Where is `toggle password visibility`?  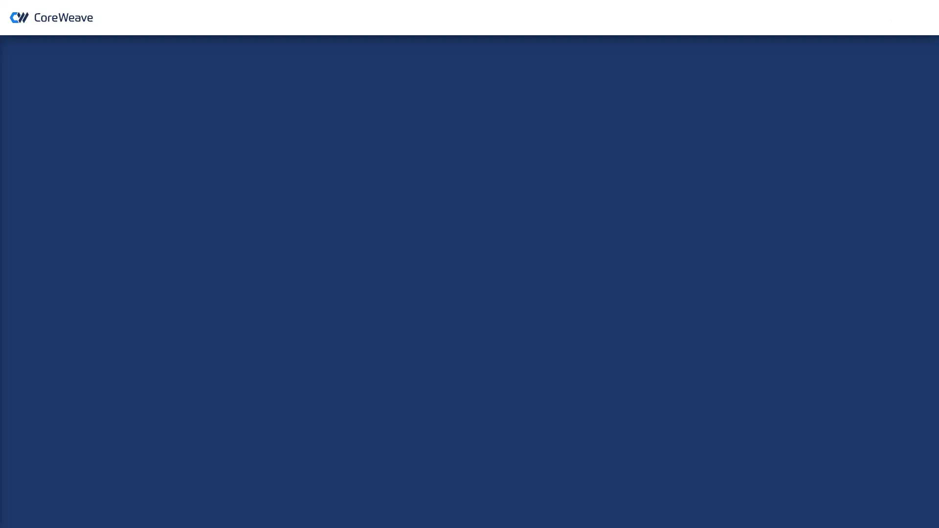 toggle password visibility is located at coordinates (561, 214).